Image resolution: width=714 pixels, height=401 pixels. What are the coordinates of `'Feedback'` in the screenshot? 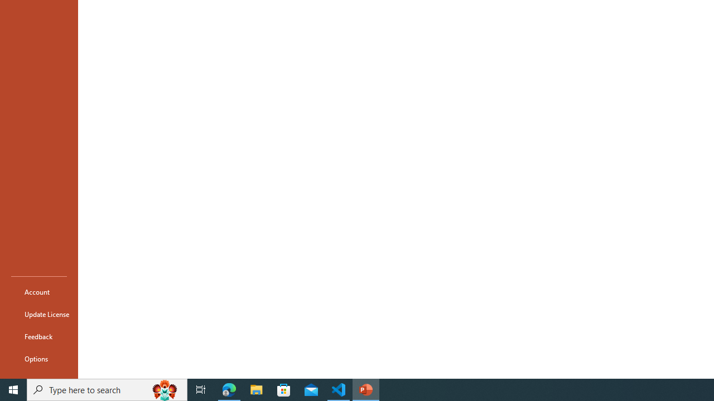 It's located at (38, 336).